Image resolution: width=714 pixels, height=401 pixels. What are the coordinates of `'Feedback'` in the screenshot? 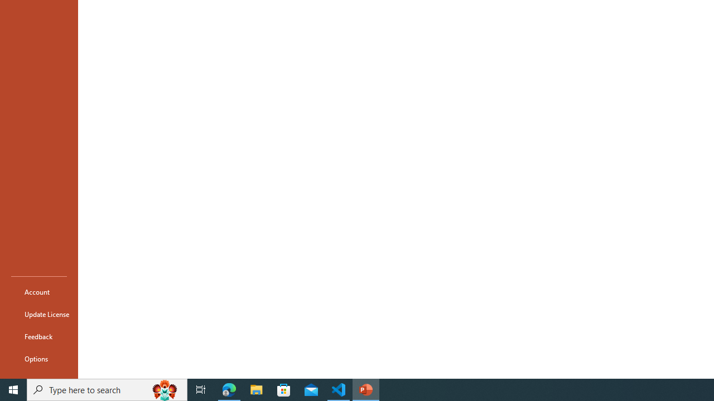 It's located at (38, 336).